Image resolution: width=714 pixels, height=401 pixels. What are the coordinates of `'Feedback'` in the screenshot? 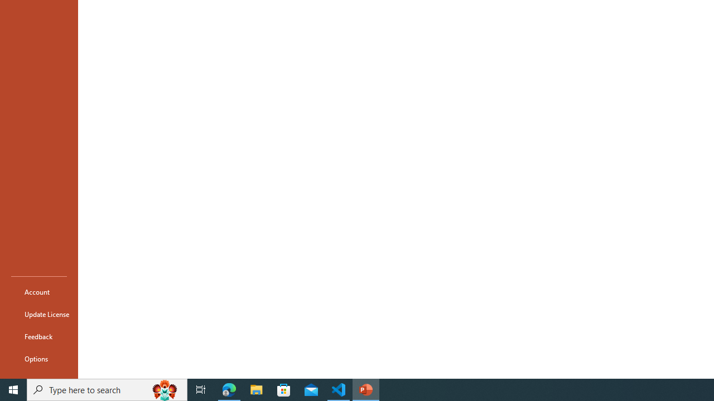 It's located at (38, 336).